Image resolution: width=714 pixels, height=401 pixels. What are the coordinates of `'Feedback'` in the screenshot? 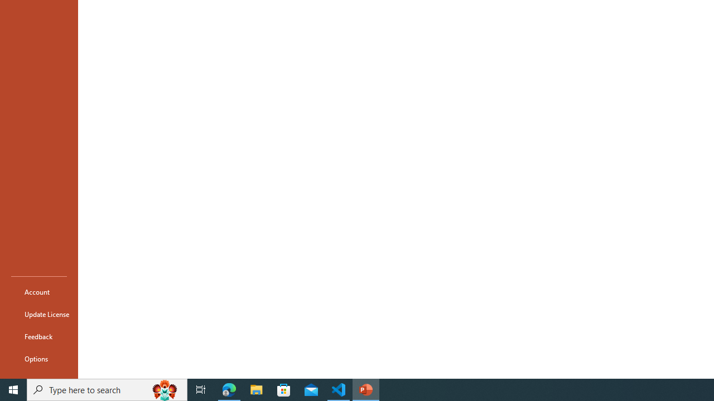 It's located at (38, 336).